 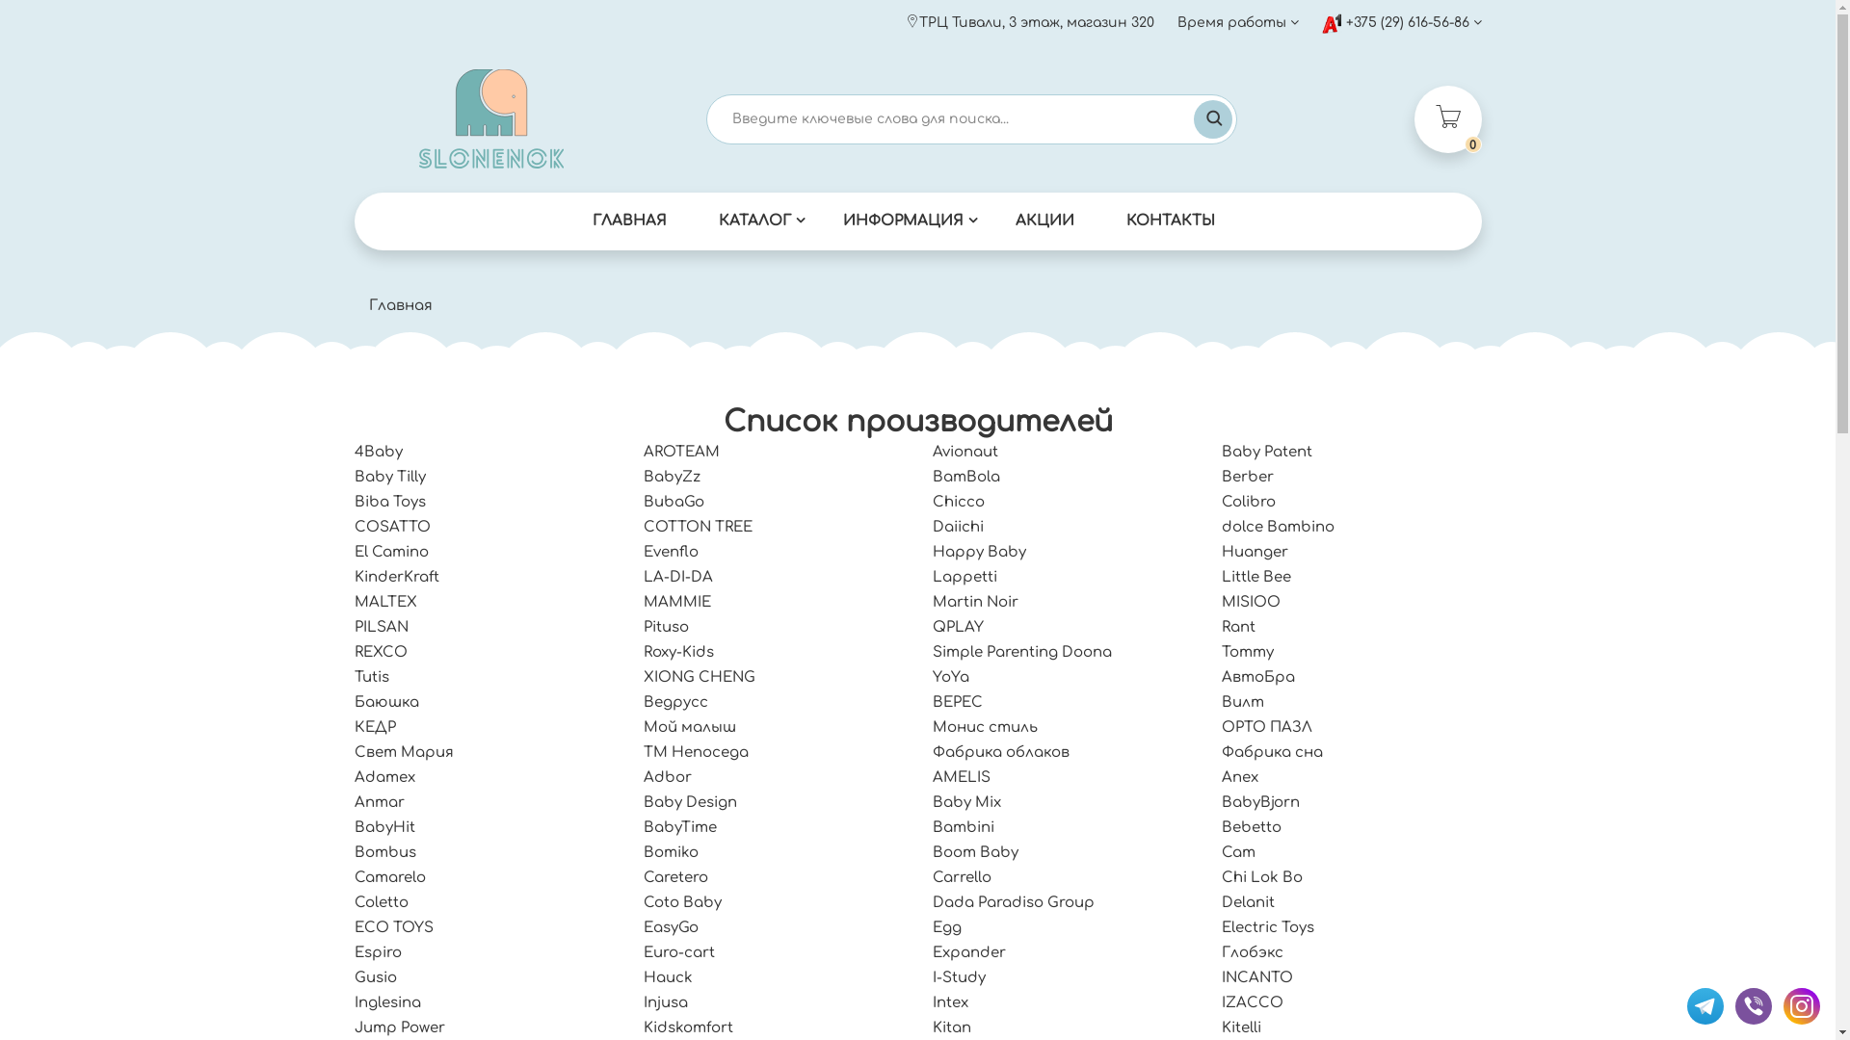 I want to click on 'Kidskomfort', so click(x=688, y=1027).